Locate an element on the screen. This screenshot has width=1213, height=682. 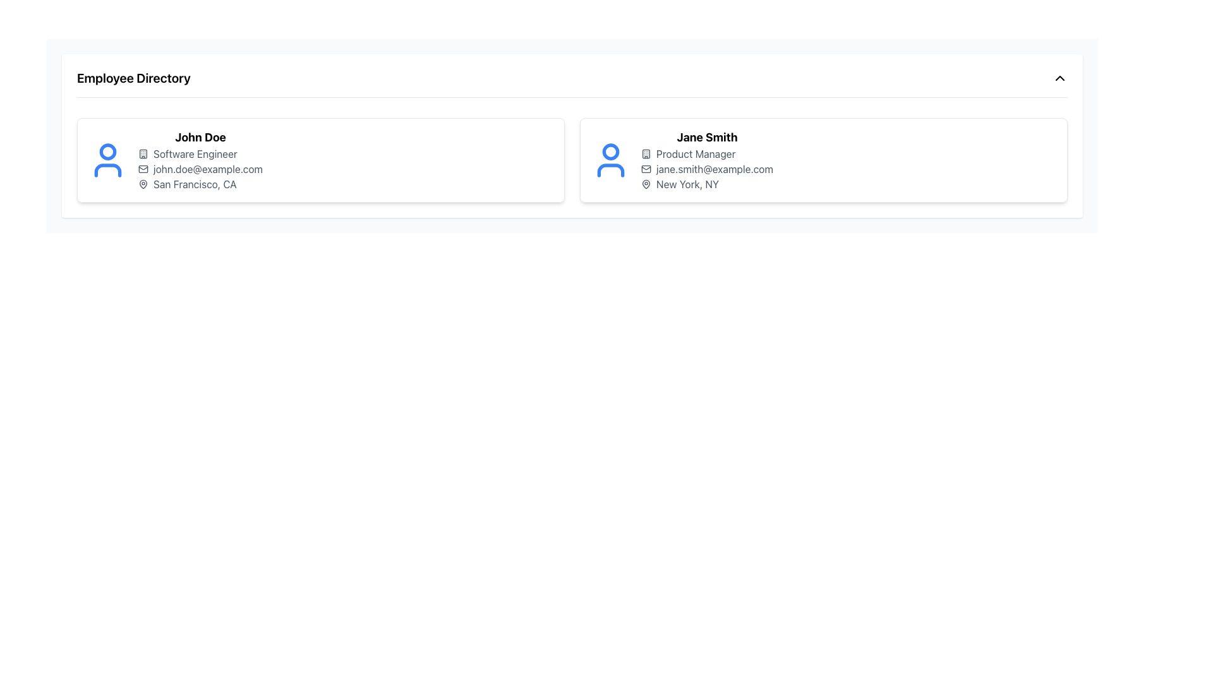
the location display element for 'Jane Smith' in the bottom right of the right-side card, which shows 'New York, NY' with an accompanying icon is located at coordinates (706, 184).